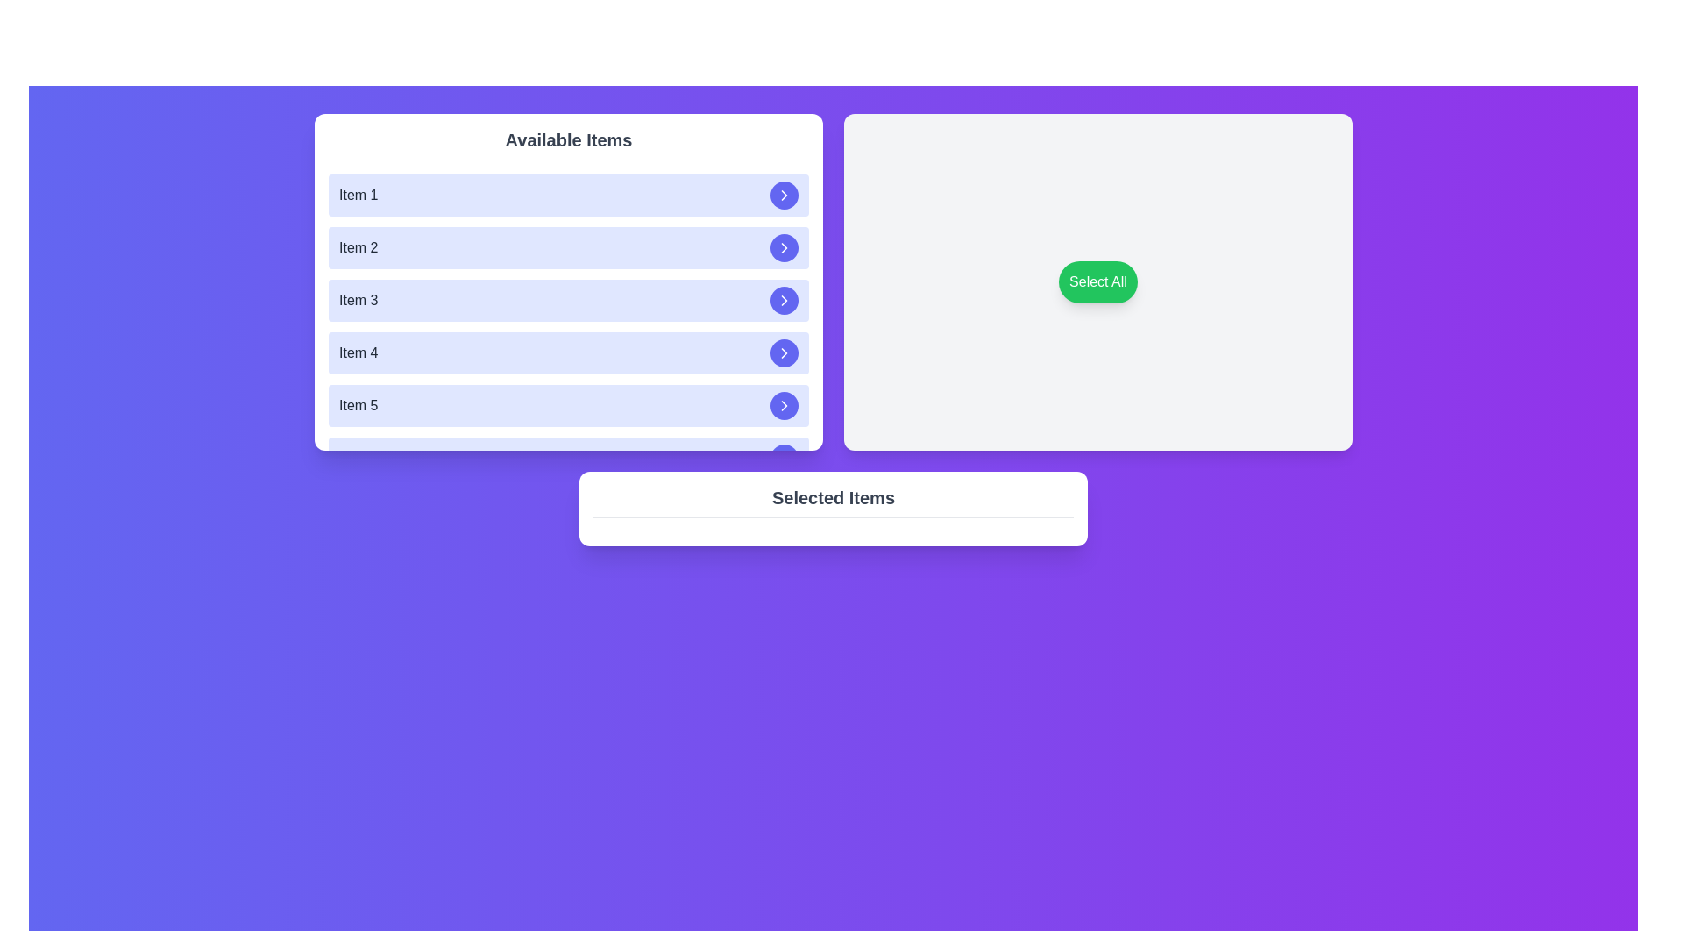 The width and height of the screenshot is (1683, 947). I want to click on the circular button containing the Chevron-right SVG icon, which is styled with a purple background and is located in the fourth row of the 'Available Items' list, so click(783, 300).